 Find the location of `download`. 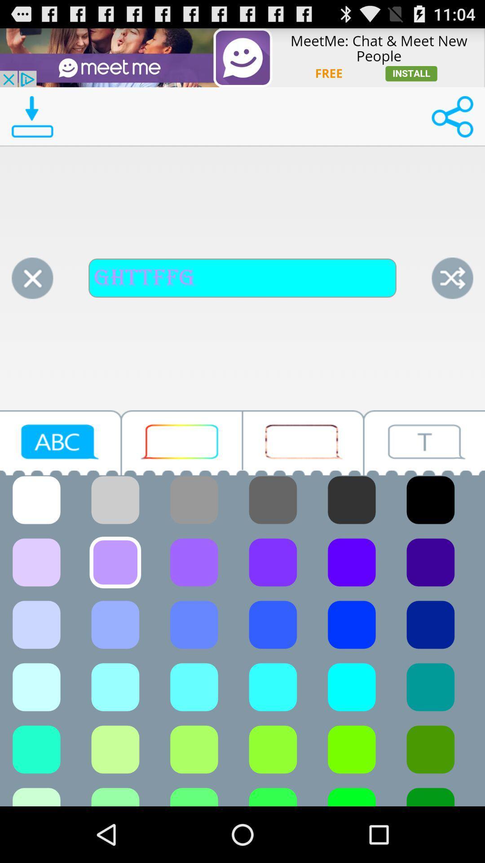

download is located at coordinates (32, 116).